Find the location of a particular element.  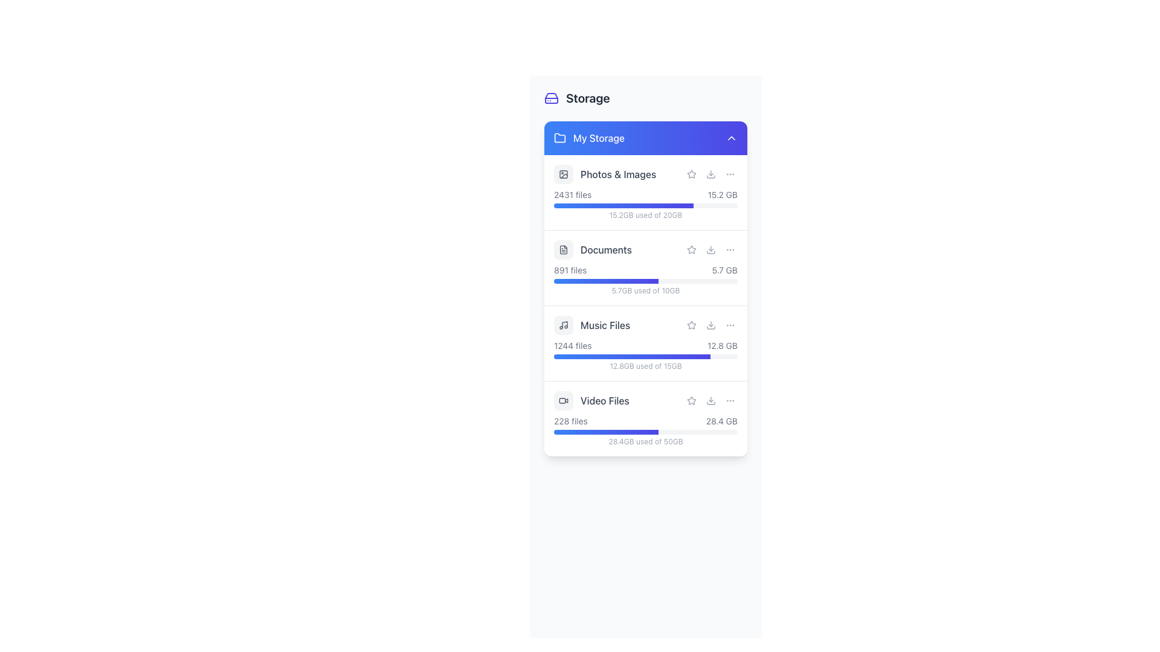

the 'Documents' label or its accompanying document icon is located at coordinates (593, 249).